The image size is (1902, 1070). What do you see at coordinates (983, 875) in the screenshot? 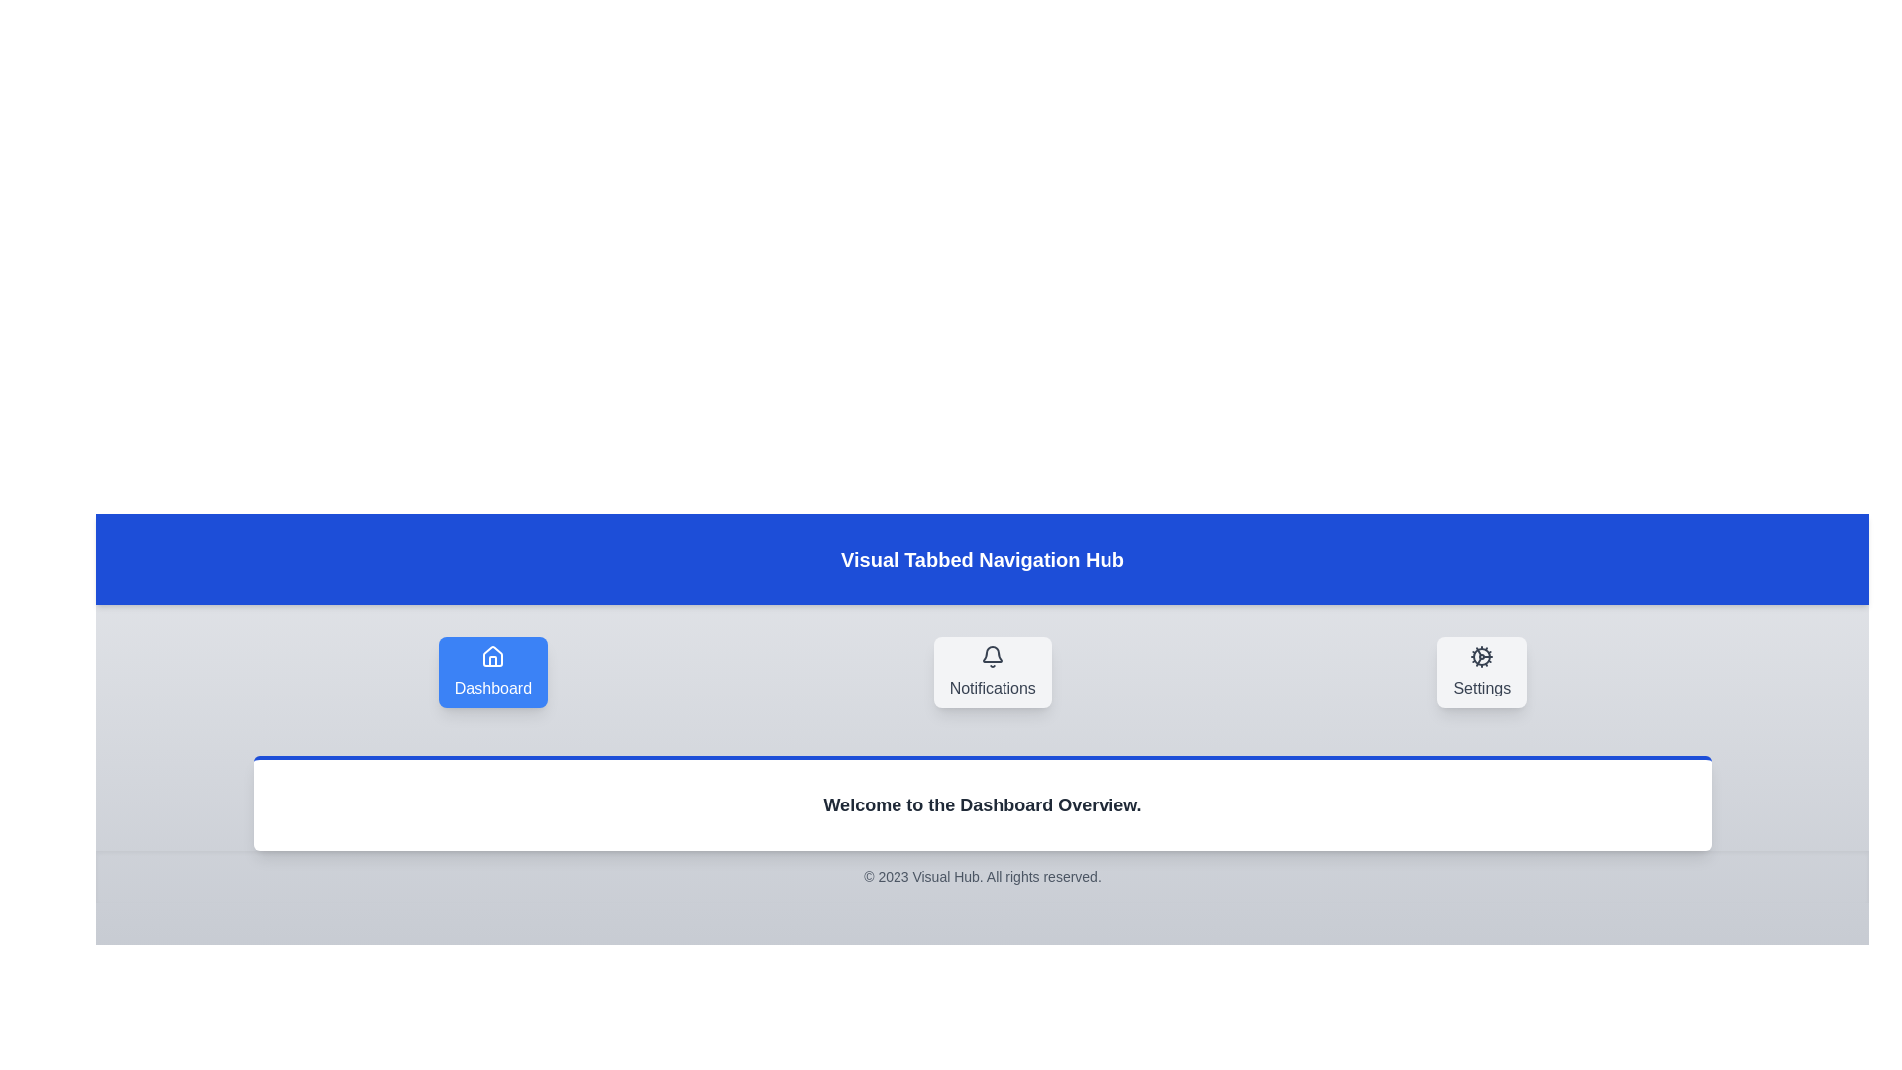
I see `the footer text label that contains the copyright notice '© 2023 Visual Hub. All rights reserved.'` at bounding box center [983, 875].